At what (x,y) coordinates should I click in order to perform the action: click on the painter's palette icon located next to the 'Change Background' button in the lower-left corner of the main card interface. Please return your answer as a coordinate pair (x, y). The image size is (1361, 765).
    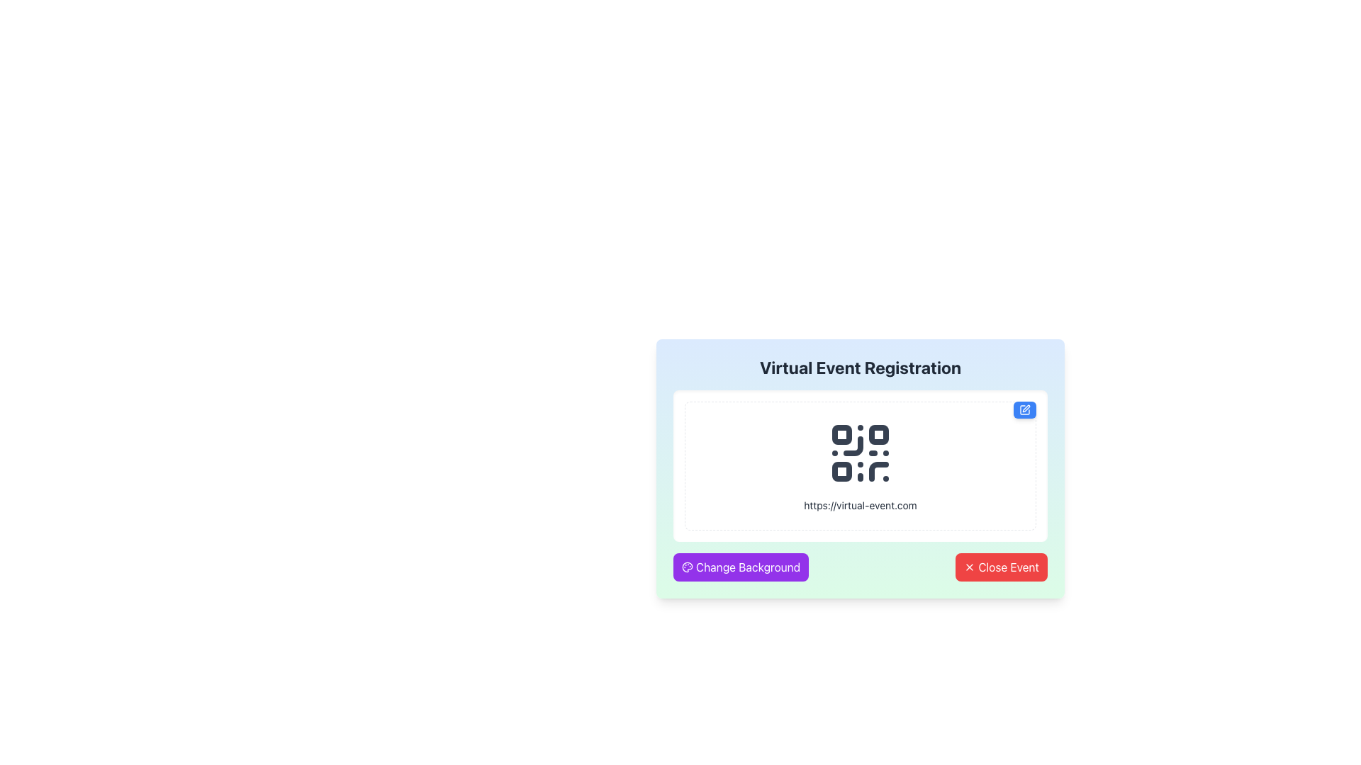
    Looking at the image, I should click on (687, 567).